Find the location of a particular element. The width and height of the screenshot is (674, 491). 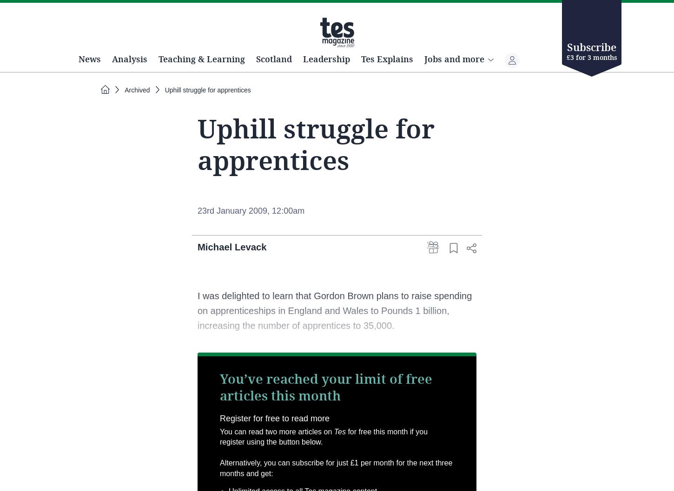

'News' is located at coordinates (116, 92).